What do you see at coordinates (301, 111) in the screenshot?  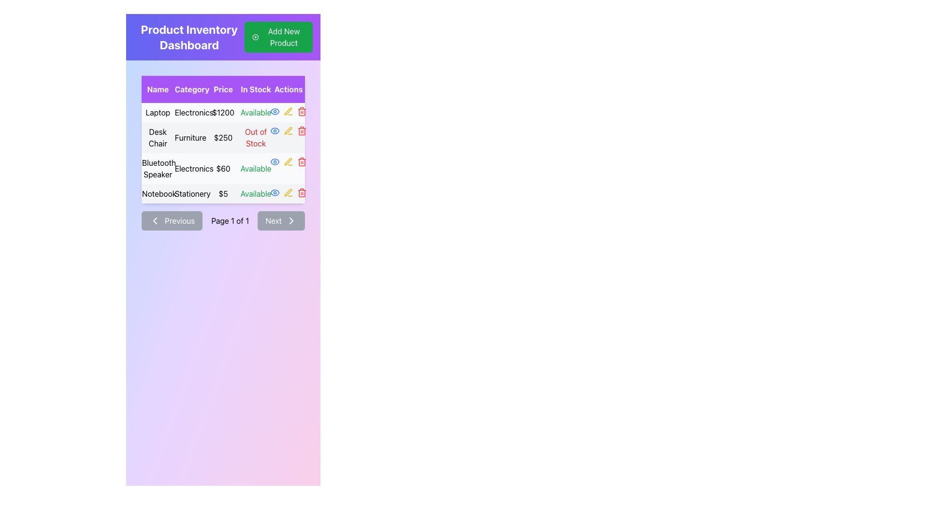 I see `the red trash can icon located` at bounding box center [301, 111].